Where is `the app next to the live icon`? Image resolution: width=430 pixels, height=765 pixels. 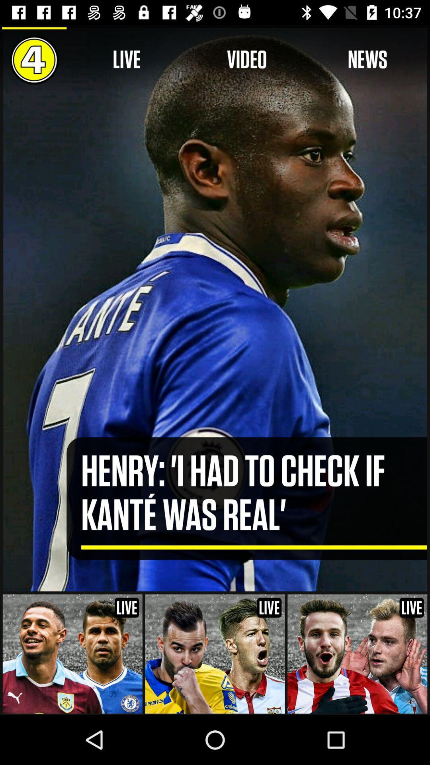 the app next to the live icon is located at coordinates (246, 59).